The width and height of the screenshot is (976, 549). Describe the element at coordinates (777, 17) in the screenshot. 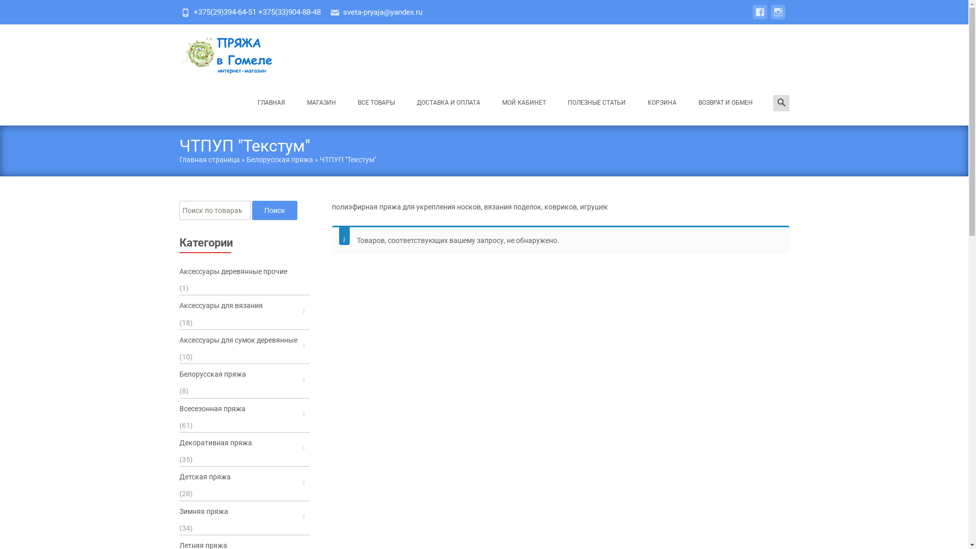

I see `'instagram'` at that location.